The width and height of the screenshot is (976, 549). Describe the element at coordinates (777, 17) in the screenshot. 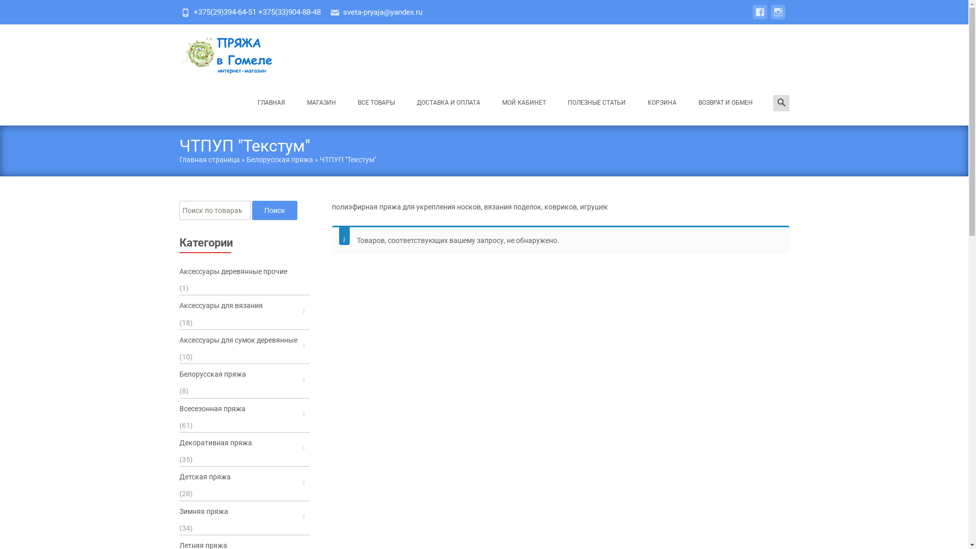

I see `'instagram'` at that location.